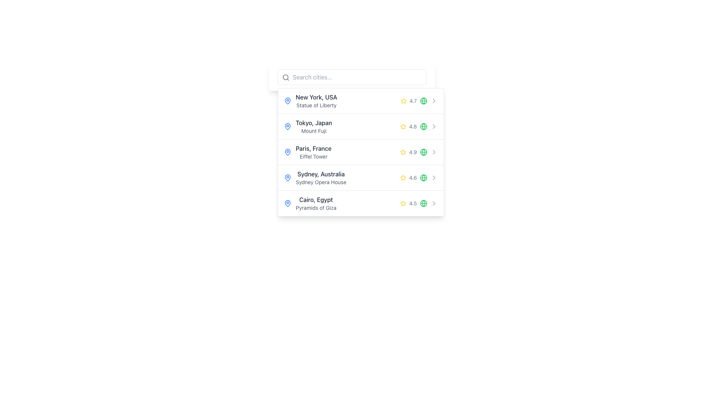  I want to click on the Chevron Right icon indicating navigation for the list item 'New York, USA Statue of Liberty 4.7', so click(434, 101).